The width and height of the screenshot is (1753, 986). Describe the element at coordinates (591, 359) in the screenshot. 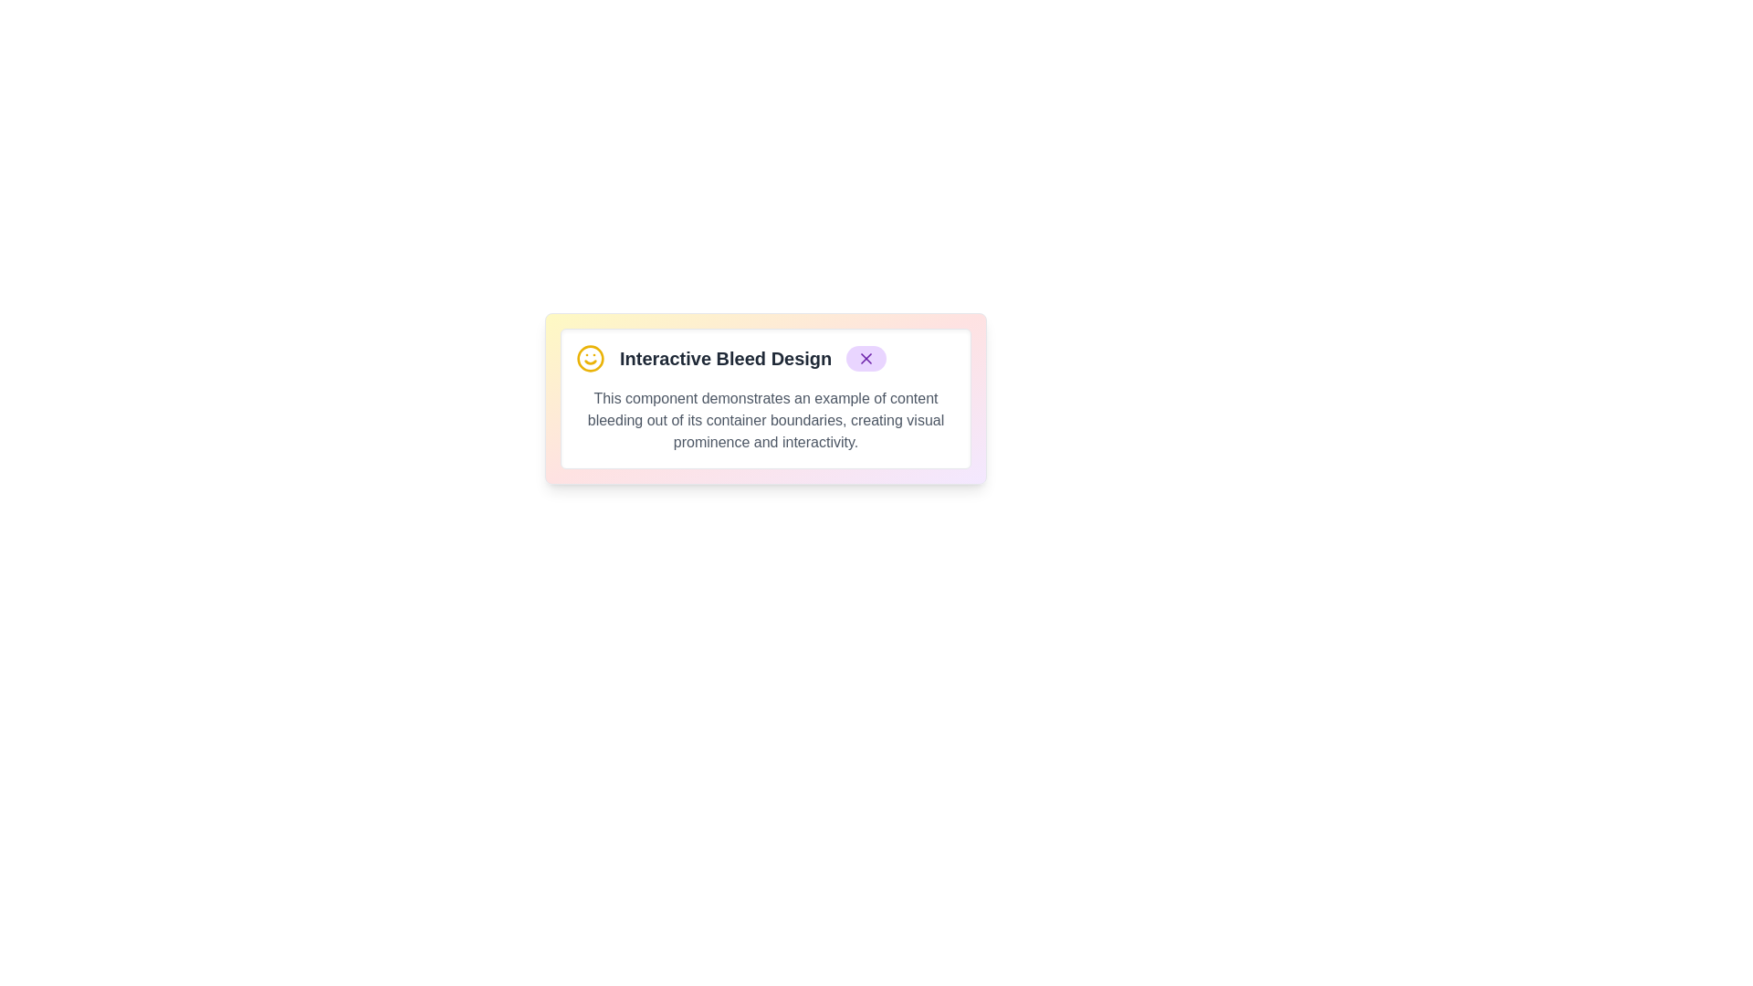

I see `the outer border of the smiley face icon, which is a circular SVG element located at the center of the smiley face in the top-left corner of the card` at that location.